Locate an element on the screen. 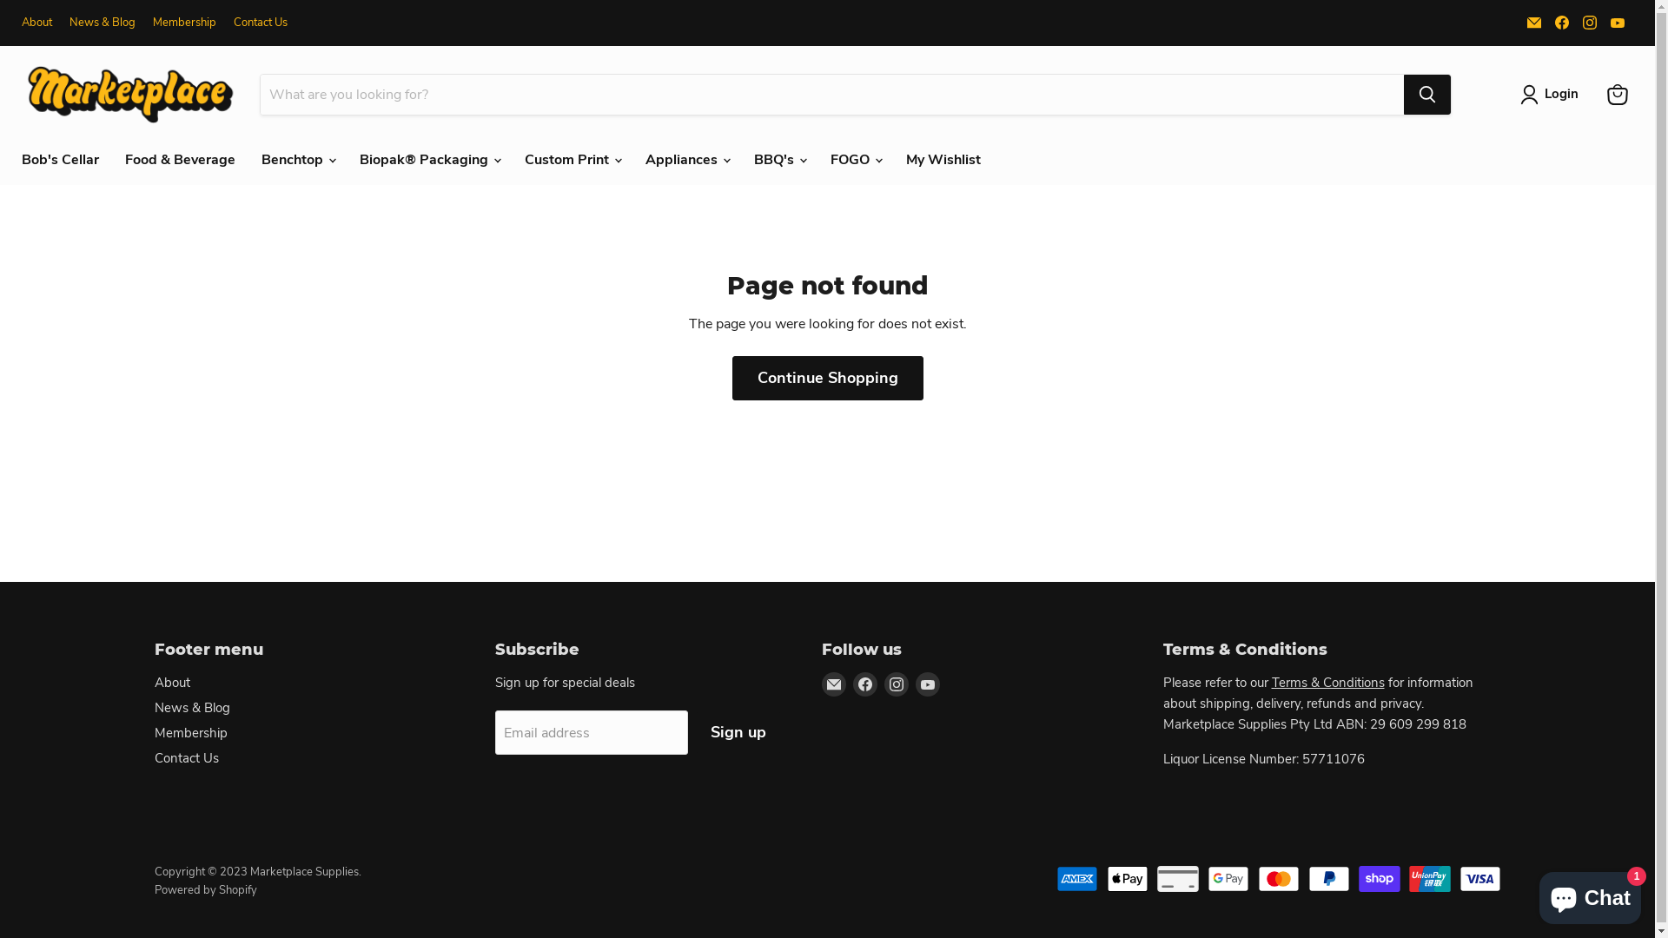  'Shopify online store chat' is located at coordinates (1590, 894).